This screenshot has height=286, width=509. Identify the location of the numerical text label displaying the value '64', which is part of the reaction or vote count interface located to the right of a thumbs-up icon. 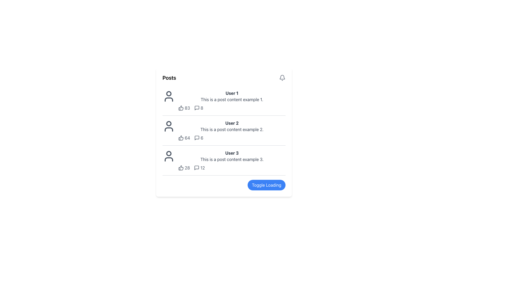
(187, 137).